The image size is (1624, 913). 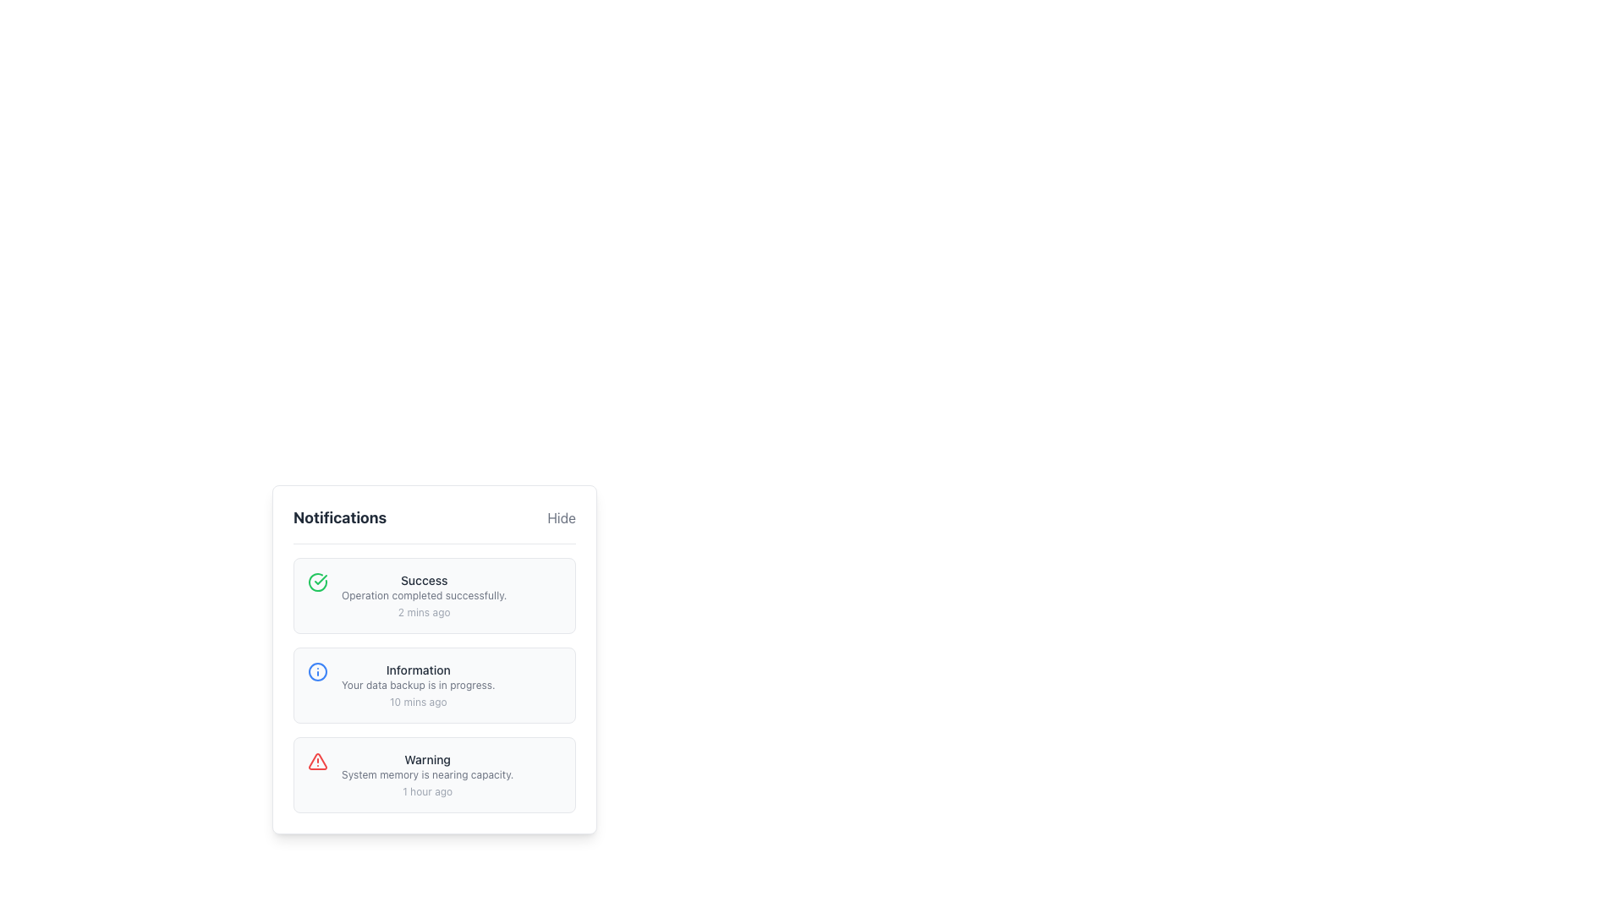 I want to click on the button positioned to the right of the 'Notifications' title to hide the notification panel, so click(x=561, y=517).